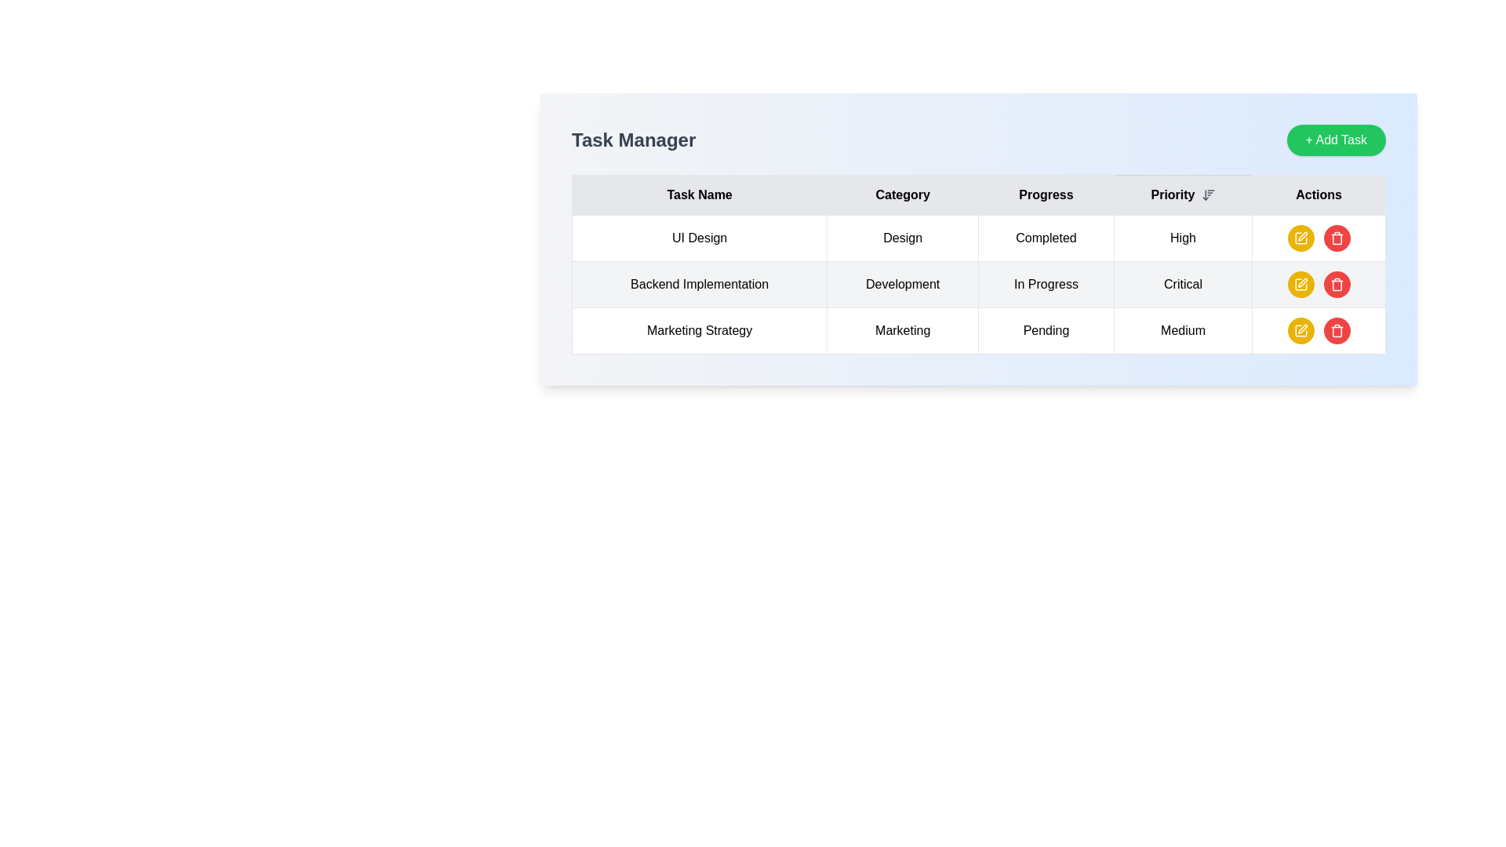 The height and width of the screenshot is (847, 1506). Describe the element at coordinates (699, 194) in the screenshot. I see `the 'Task Name' table header cell, which is a text label with centered alignment, a bordered box, and a light gray background, located at the top-left of the table layout` at that location.